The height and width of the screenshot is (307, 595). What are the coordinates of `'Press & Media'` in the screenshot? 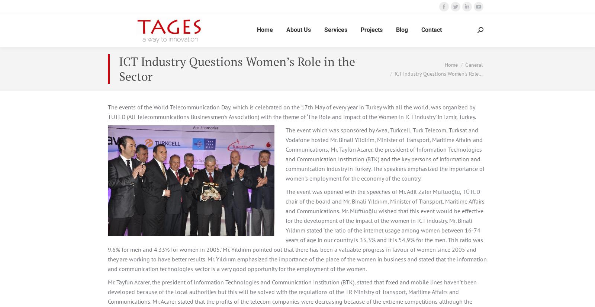 It's located at (302, 129).